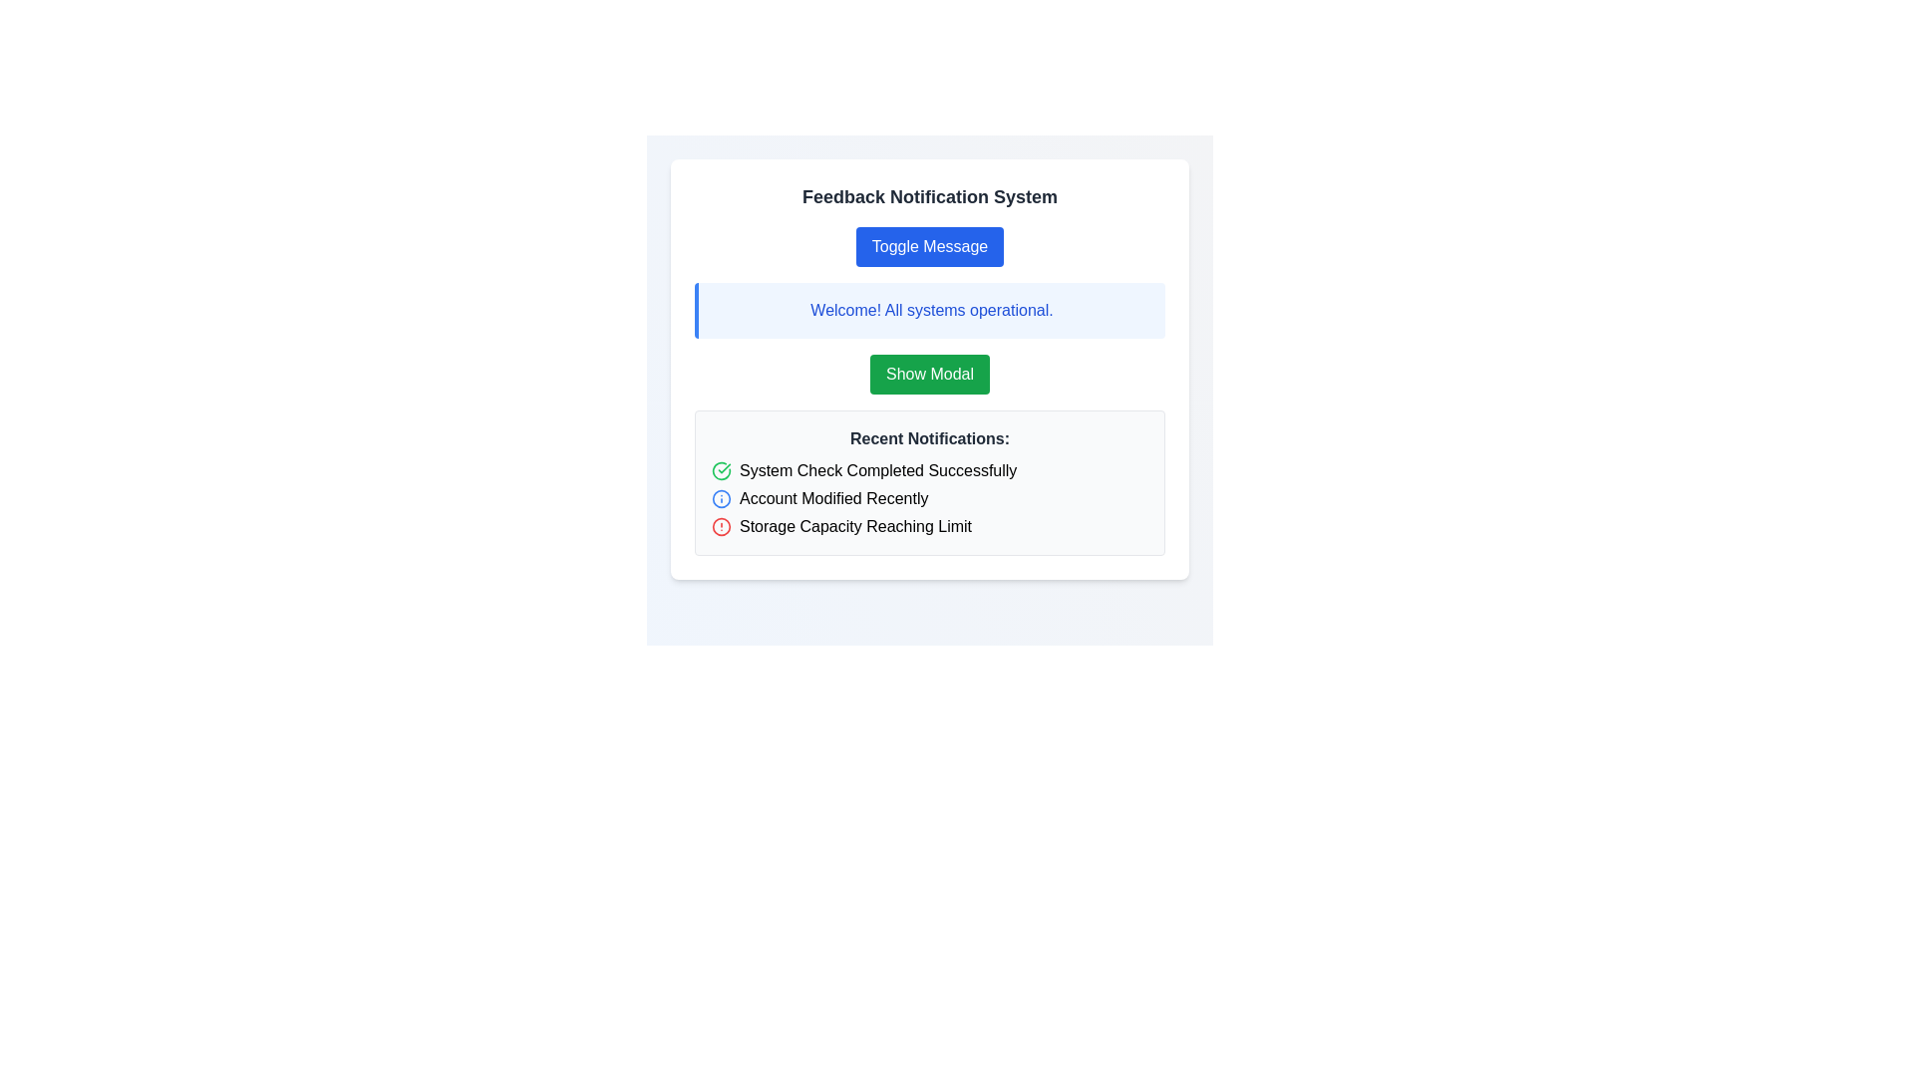  Describe the element at coordinates (928, 471) in the screenshot. I see `the information provided by the Notification item indicating that the system check has been successfully completed, which is the first item in the vertical notification list under 'Recent Notifications:'` at that location.